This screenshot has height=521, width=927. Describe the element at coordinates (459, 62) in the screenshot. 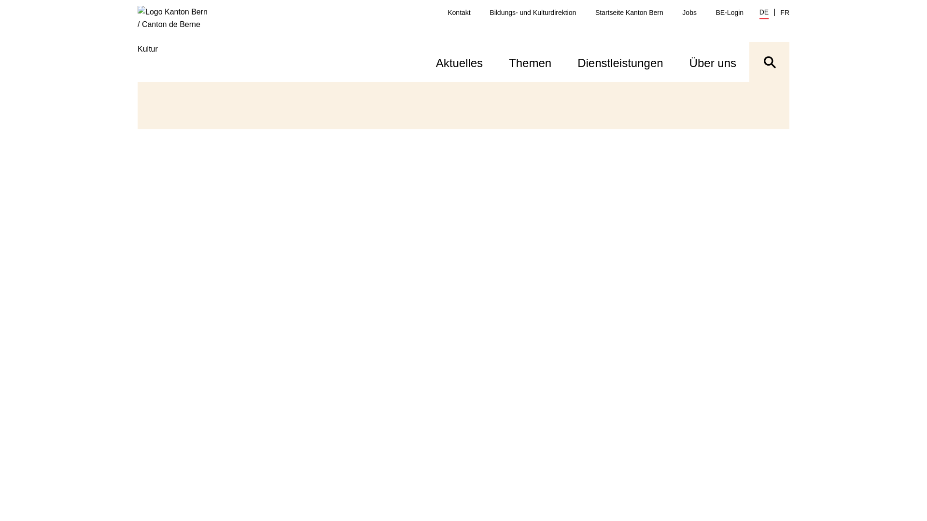

I see `'Aktuelles'` at that location.